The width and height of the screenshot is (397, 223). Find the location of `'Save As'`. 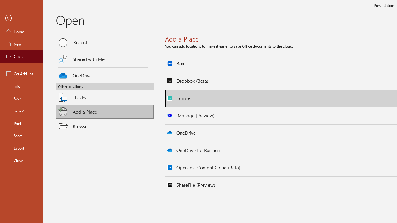

'Save As' is located at coordinates (21, 110).